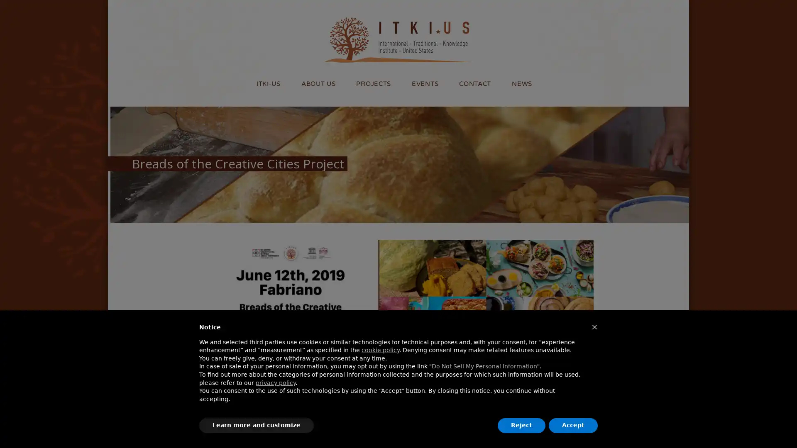  I want to click on Reject, so click(521, 426).